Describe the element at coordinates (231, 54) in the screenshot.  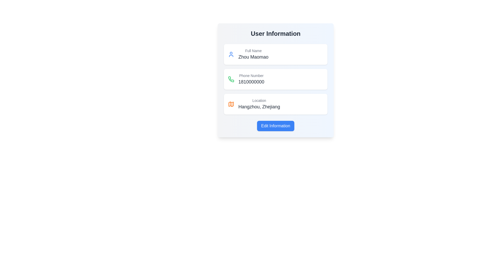
I see `the icon representing the 'Full Name' field, located on the upper left side inside the first row of the content section under 'User Information'` at that location.